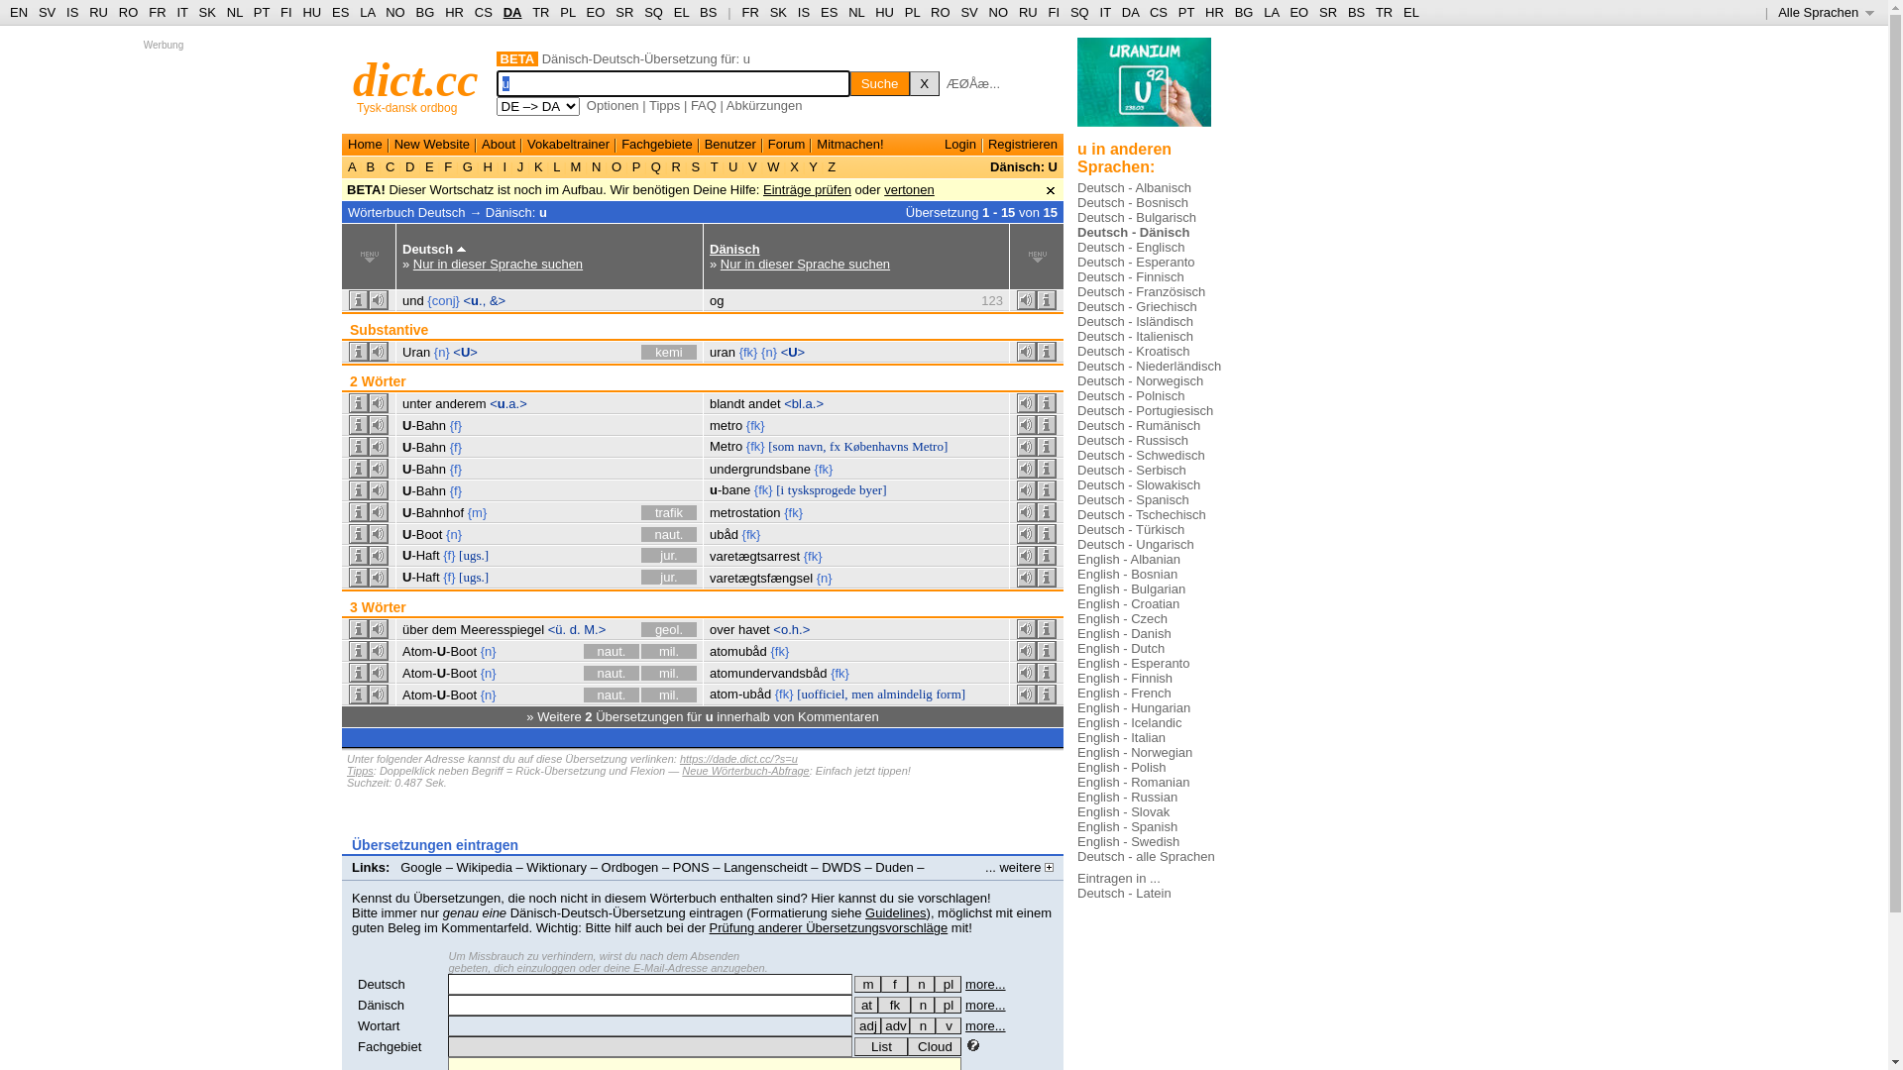 The width and height of the screenshot is (1903, 1070). I want to click on 'https://dade.dict.cc/?s=u', so click(737, 758).